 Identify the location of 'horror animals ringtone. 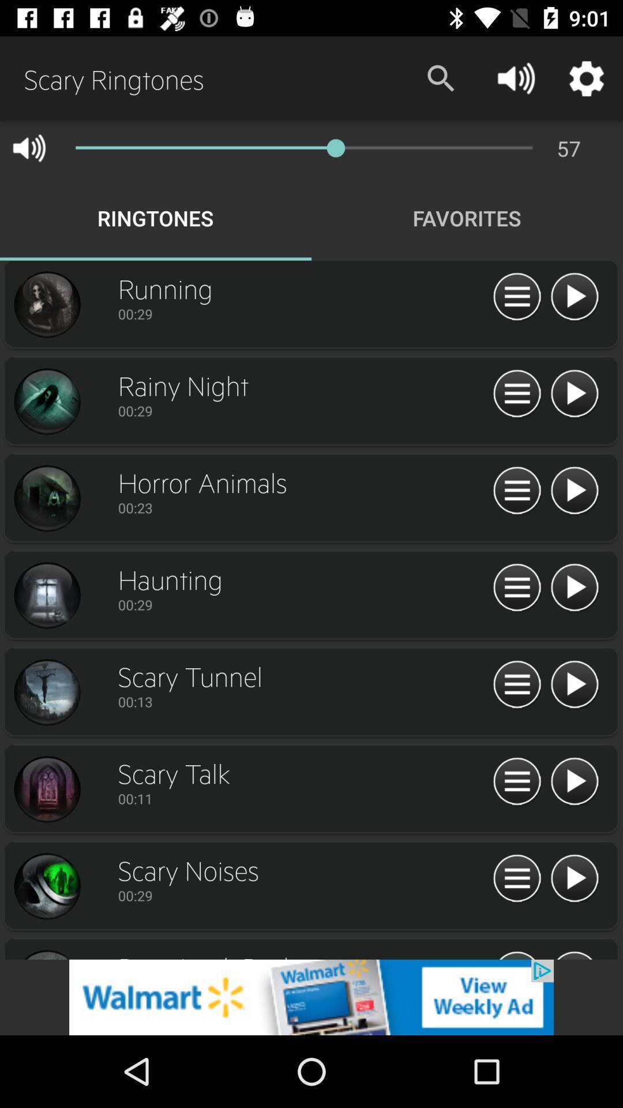
(574, 491).